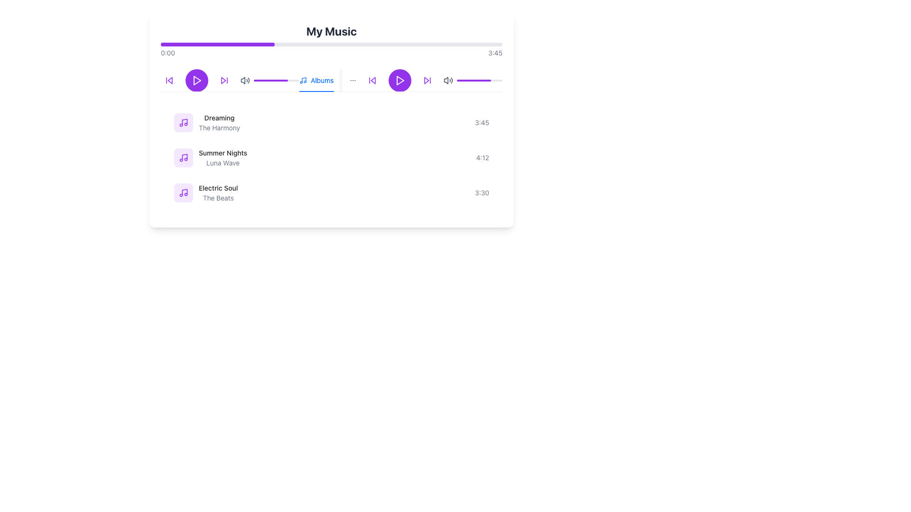 The height and width of the screenshot is (512, 911). I want to click on the leftmost subcomponent of the volume control icon in the music player interface, so click(243, 80).